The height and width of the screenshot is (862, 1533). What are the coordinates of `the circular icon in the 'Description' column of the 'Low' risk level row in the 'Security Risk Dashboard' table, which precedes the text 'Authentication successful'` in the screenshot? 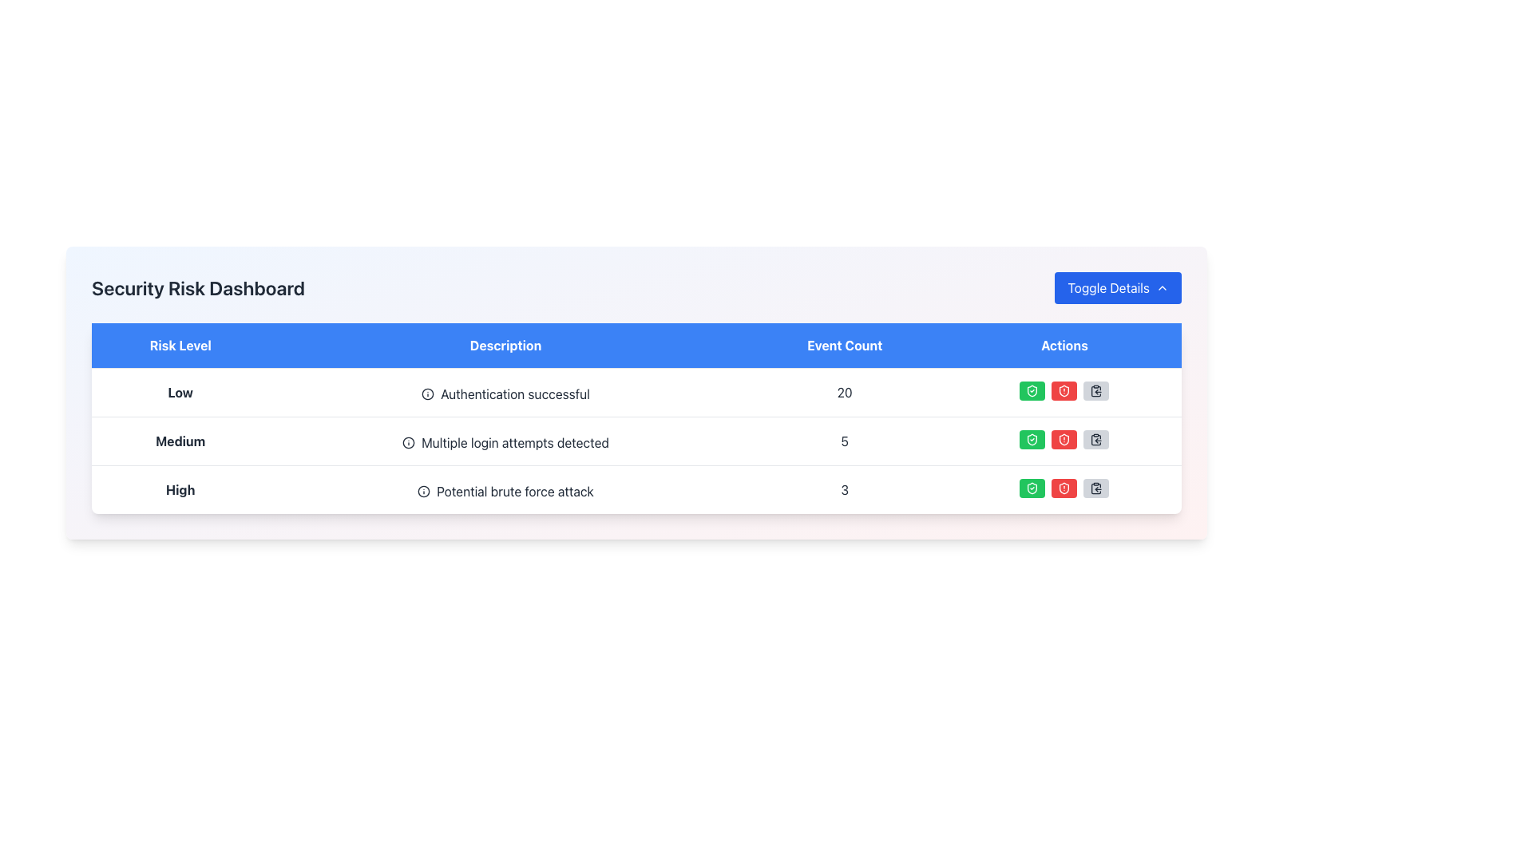 It's located at (428, 393).